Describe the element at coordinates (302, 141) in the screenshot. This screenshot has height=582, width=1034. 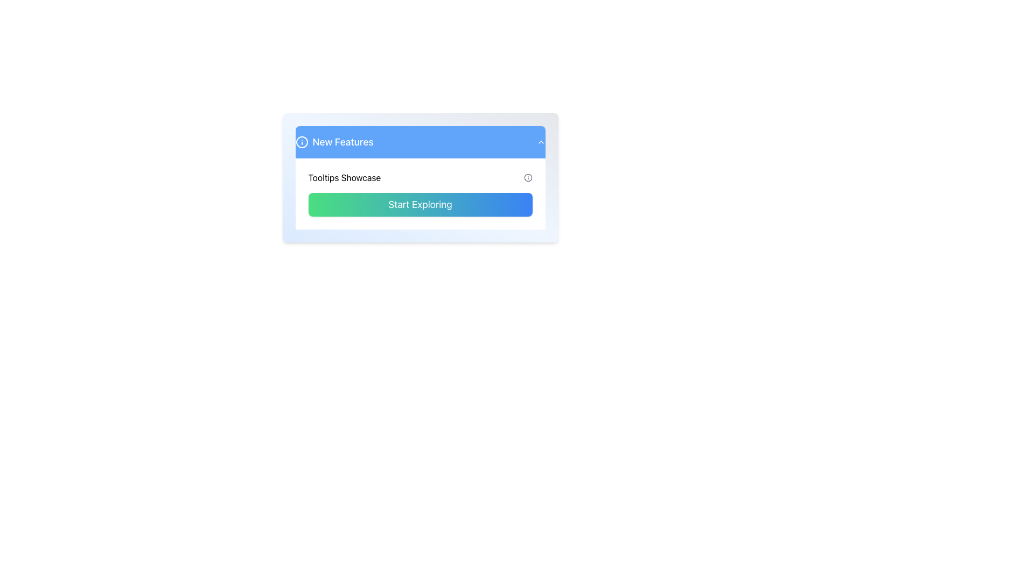
I see `the informational icon located at the top of the card interface, within the blue header section` at that location.